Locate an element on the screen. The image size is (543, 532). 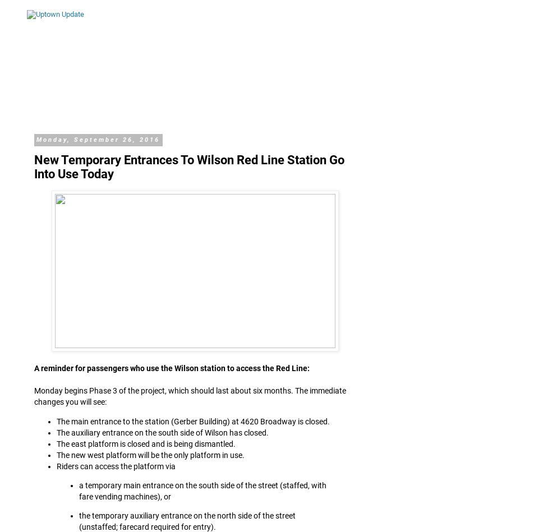
'The east platform is closed and is being dismantled.' is located at coordinates (146, 443).